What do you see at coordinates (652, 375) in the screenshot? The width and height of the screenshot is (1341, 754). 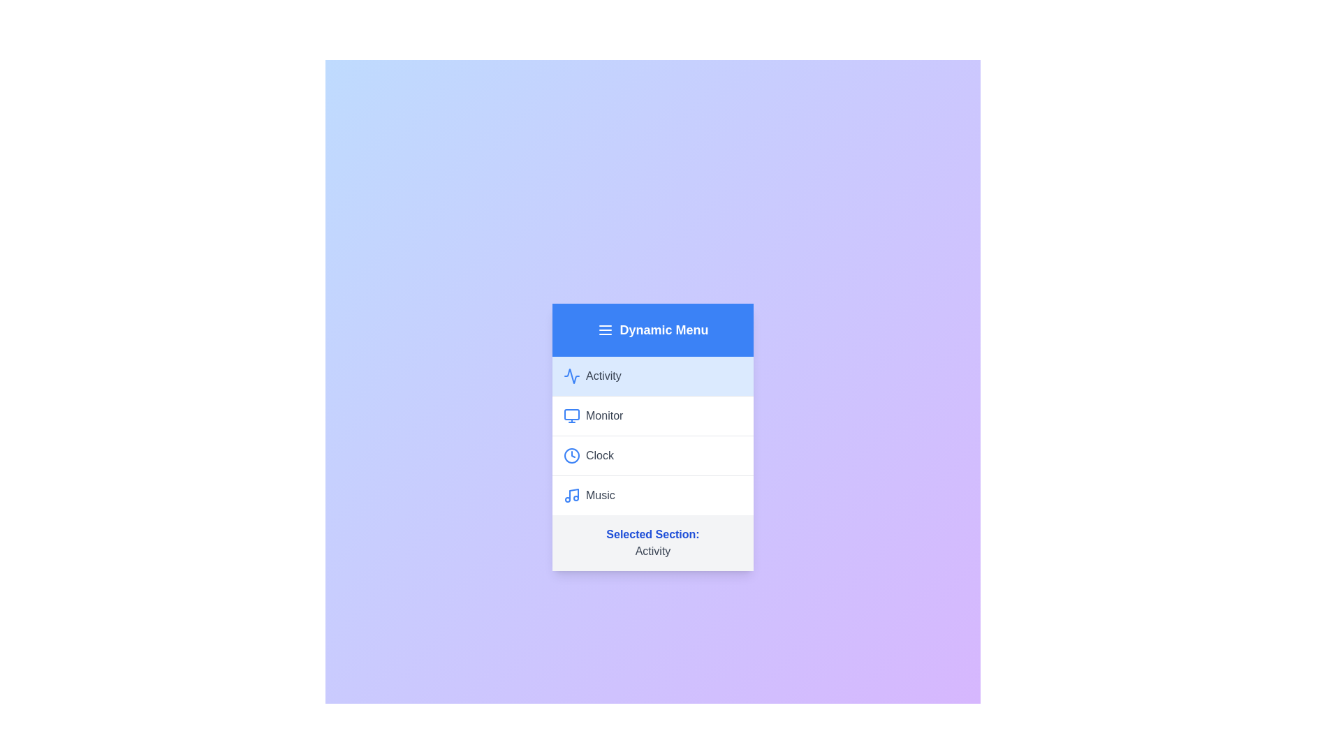 I see `the menu item Activity to switch the active section` at bounding box center [652, 375].